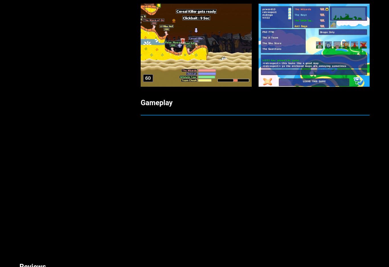 This screenshot has width=389, height=267. Describe the element at coordinates (52, 76) in the screenshot. I see `'2D Worms at its best'` at that location.